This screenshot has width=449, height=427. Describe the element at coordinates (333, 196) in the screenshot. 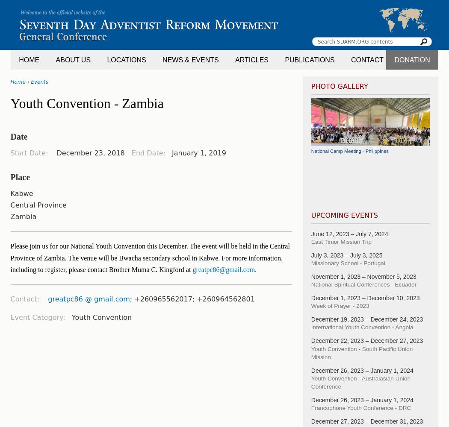

I see `'Baptisms - Indonesia'` at that location.